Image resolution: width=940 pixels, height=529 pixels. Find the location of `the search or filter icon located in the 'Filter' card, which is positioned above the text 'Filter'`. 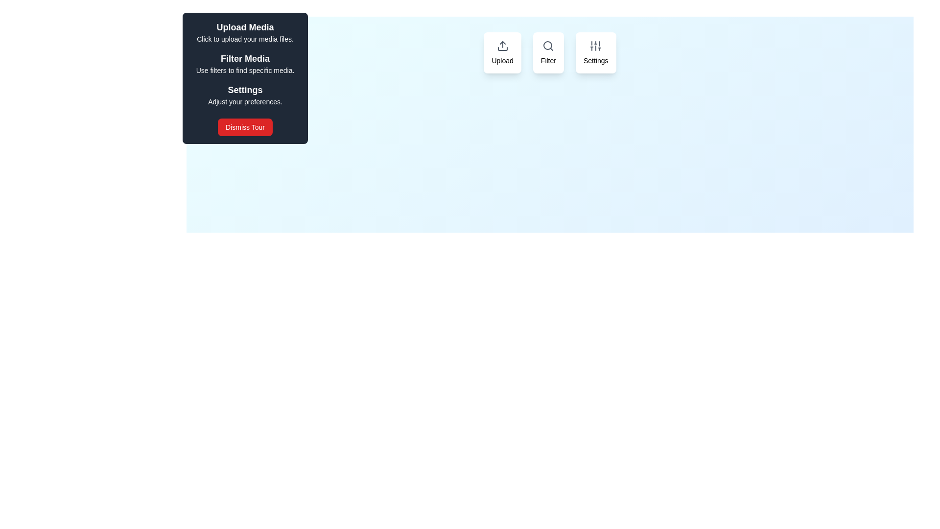

the search or filter icon located in the 'Filter' card, which is positioned above the text 'Filter' is located at coordinates (548, 46).